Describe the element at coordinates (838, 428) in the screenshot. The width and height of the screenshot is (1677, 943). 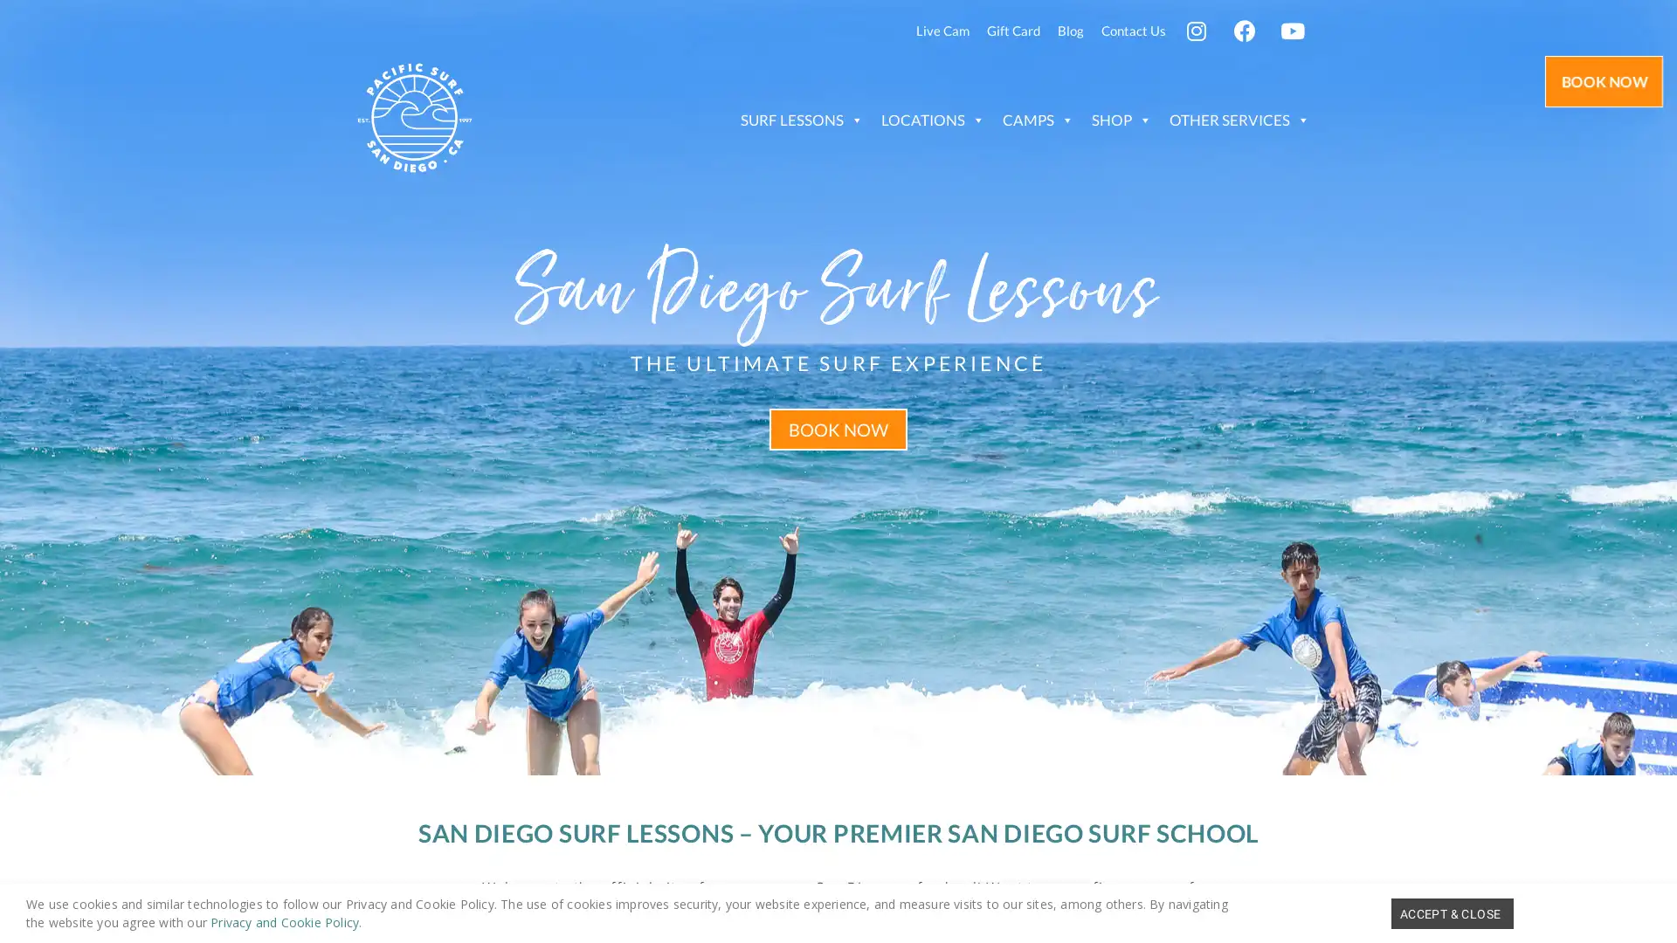
I see `BOOK NOW` at that location.